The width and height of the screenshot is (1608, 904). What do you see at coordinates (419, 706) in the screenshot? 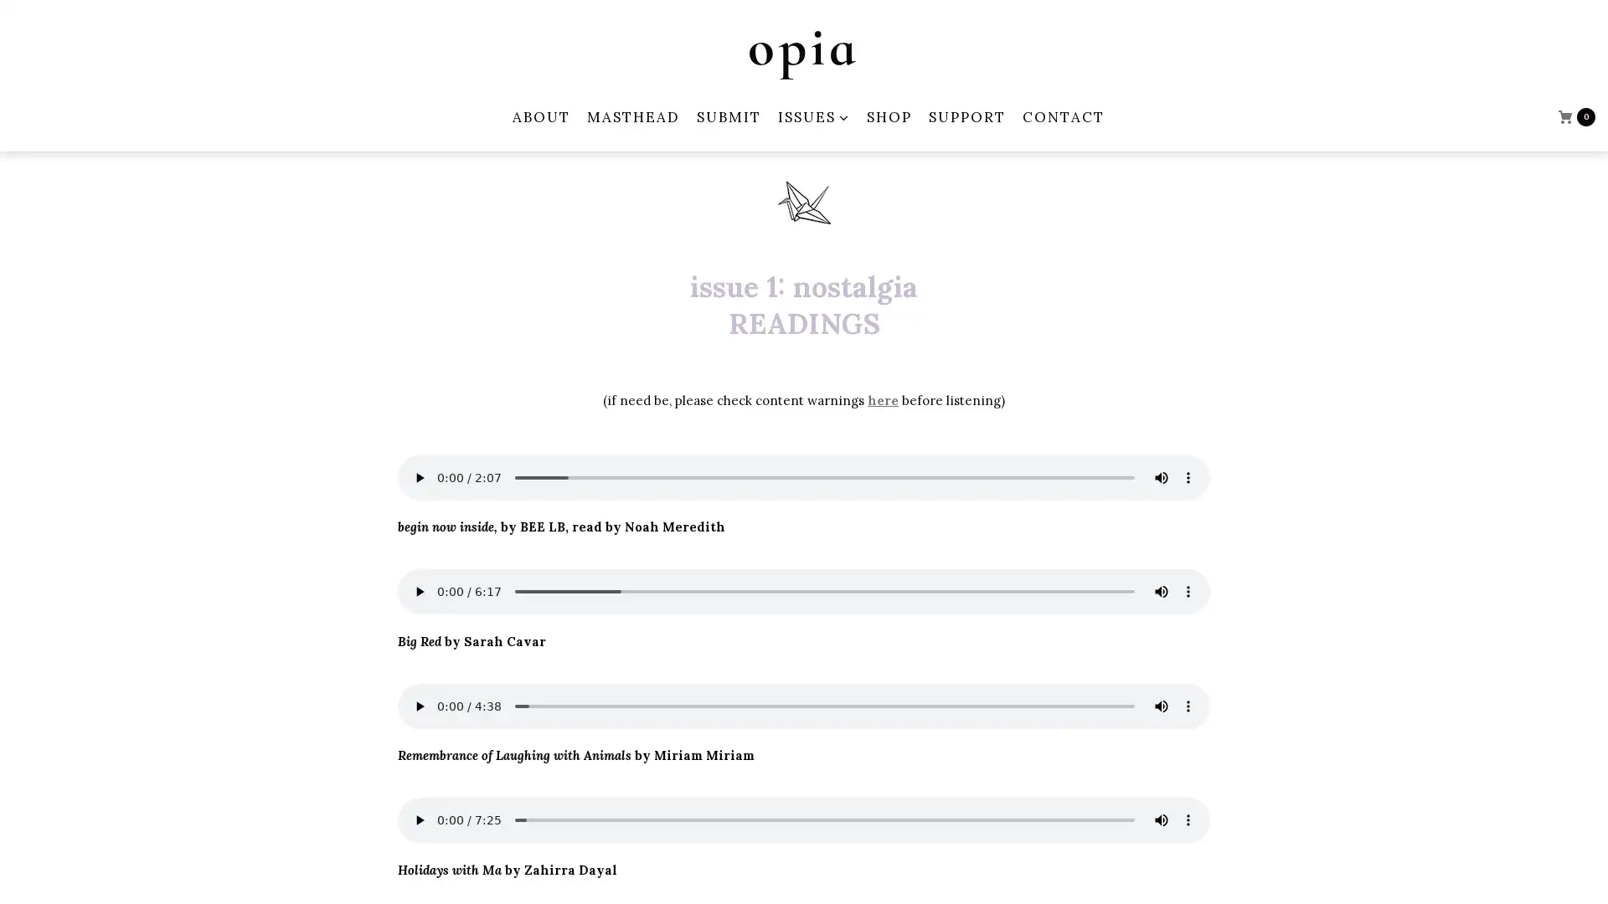
I see `play` at bounding box center [419, 706].